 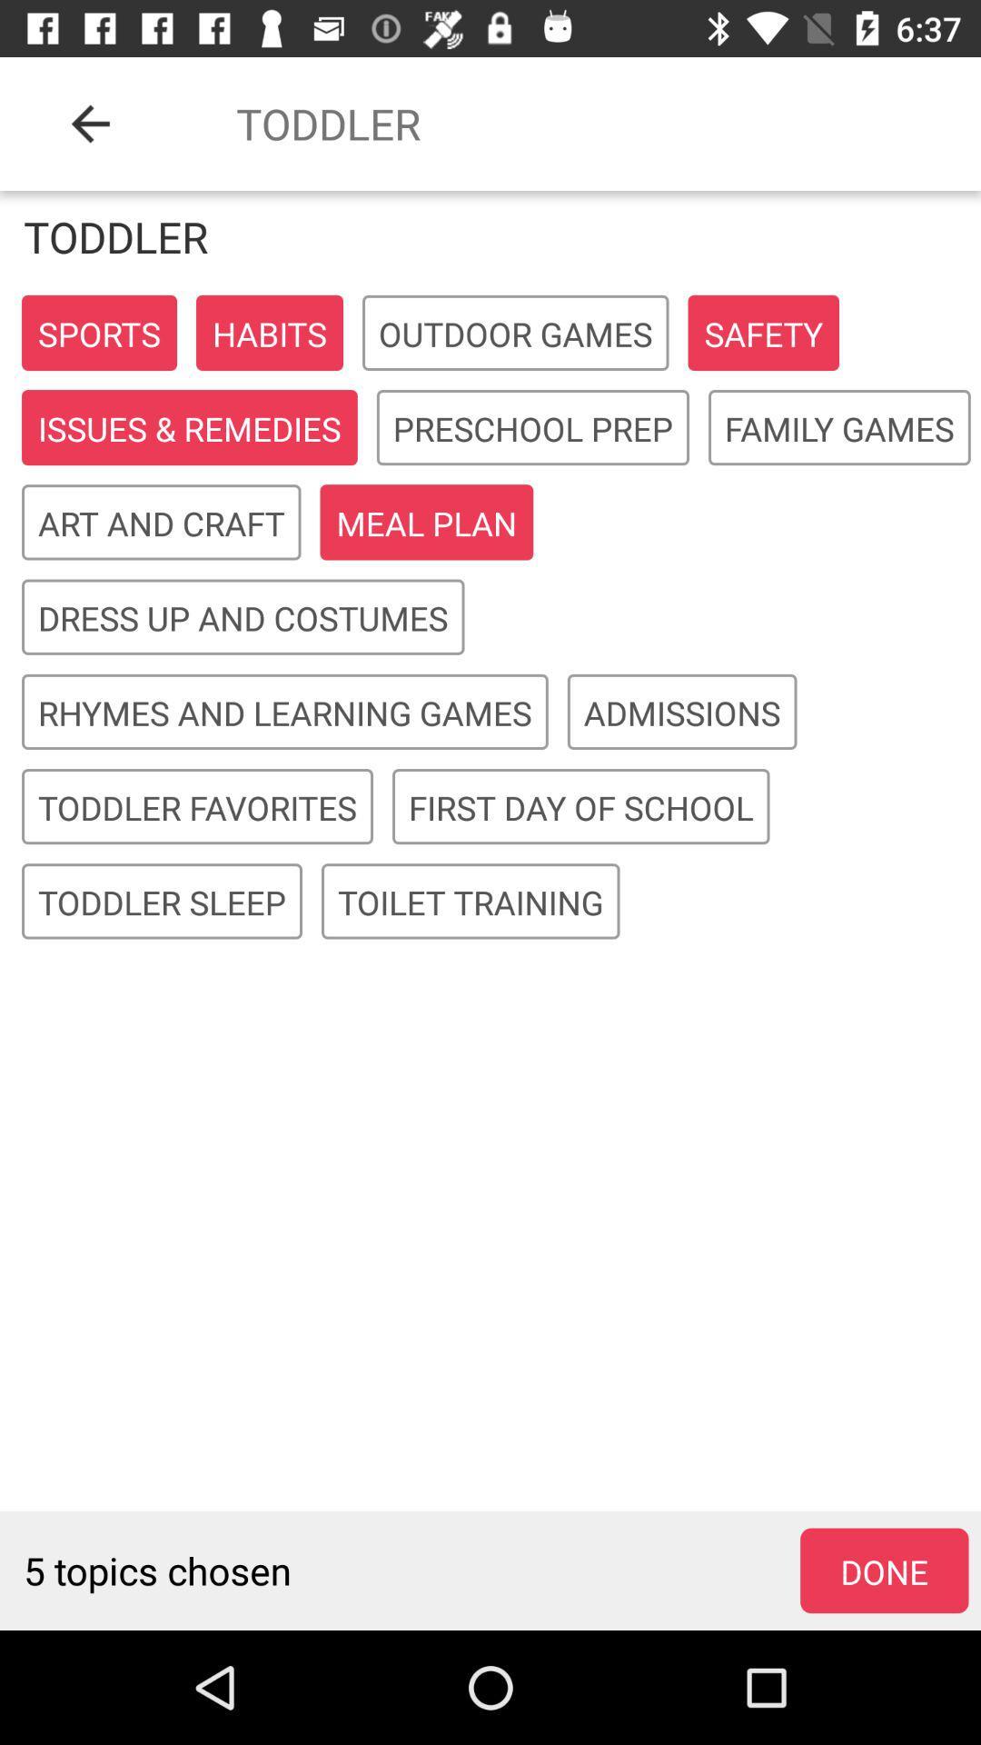 What do you see at coordinates (682, 712) in the screenshot?
I see `item to the right of rhymes and learning icon` at bounding box center [682, 712].